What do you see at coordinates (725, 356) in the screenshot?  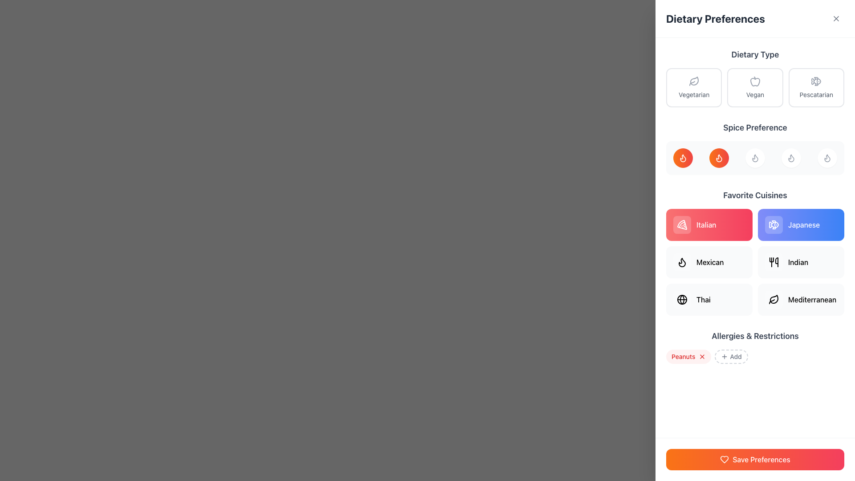 I see `the 'Add' button icon located to the right of the 'Peanuts ×' chip in the 'Allergies & Restrictions' section of the preferences panel` at bounding box center [725, 356].